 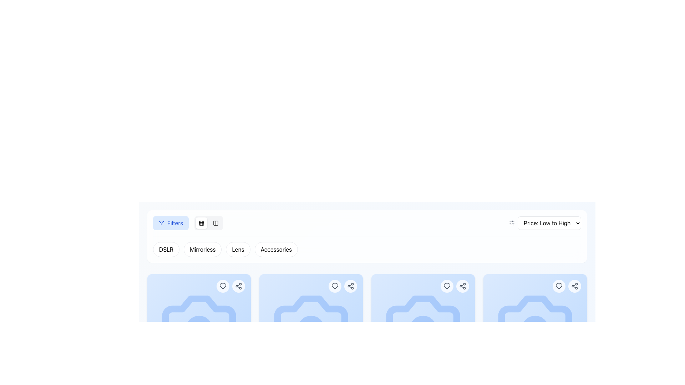 What do you see at coordinates (544, 222) in the screenshot?
I see `the dropdown menu labeled 'Price: Low to High'` at bounding box center [544, 222].